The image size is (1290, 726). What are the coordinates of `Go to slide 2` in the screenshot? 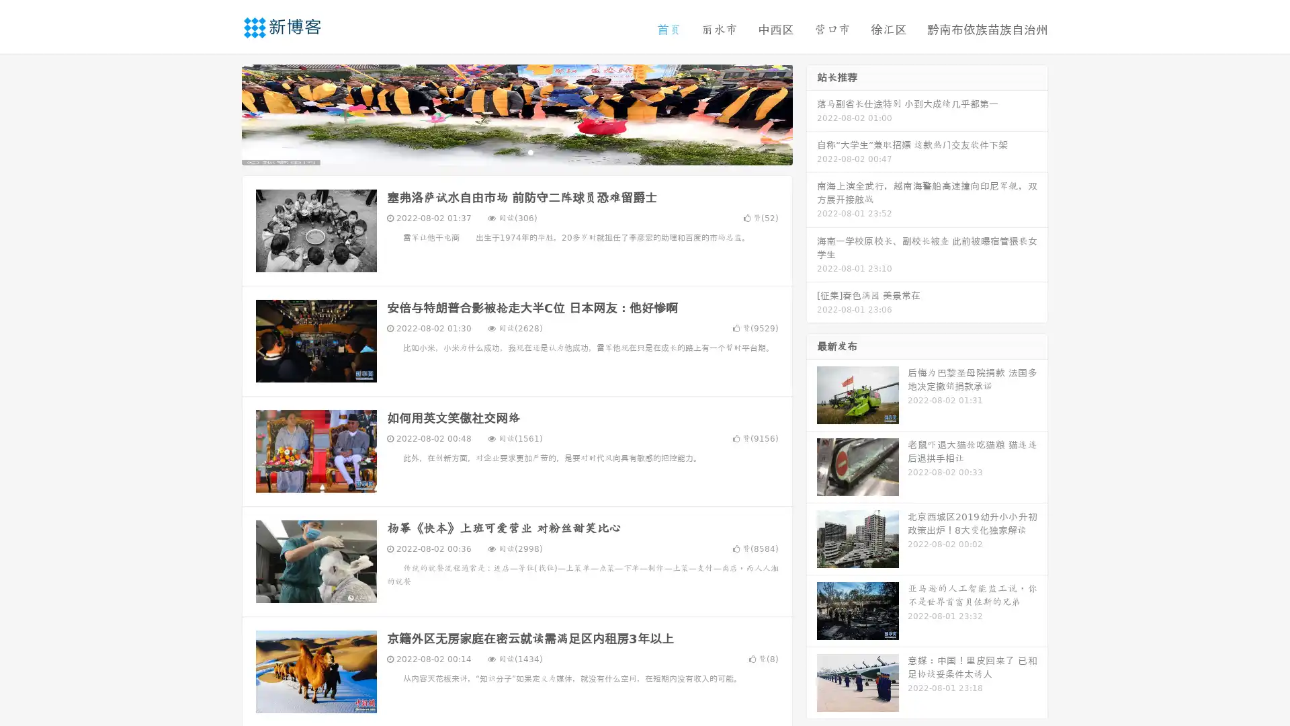 It's located at (516, 151).